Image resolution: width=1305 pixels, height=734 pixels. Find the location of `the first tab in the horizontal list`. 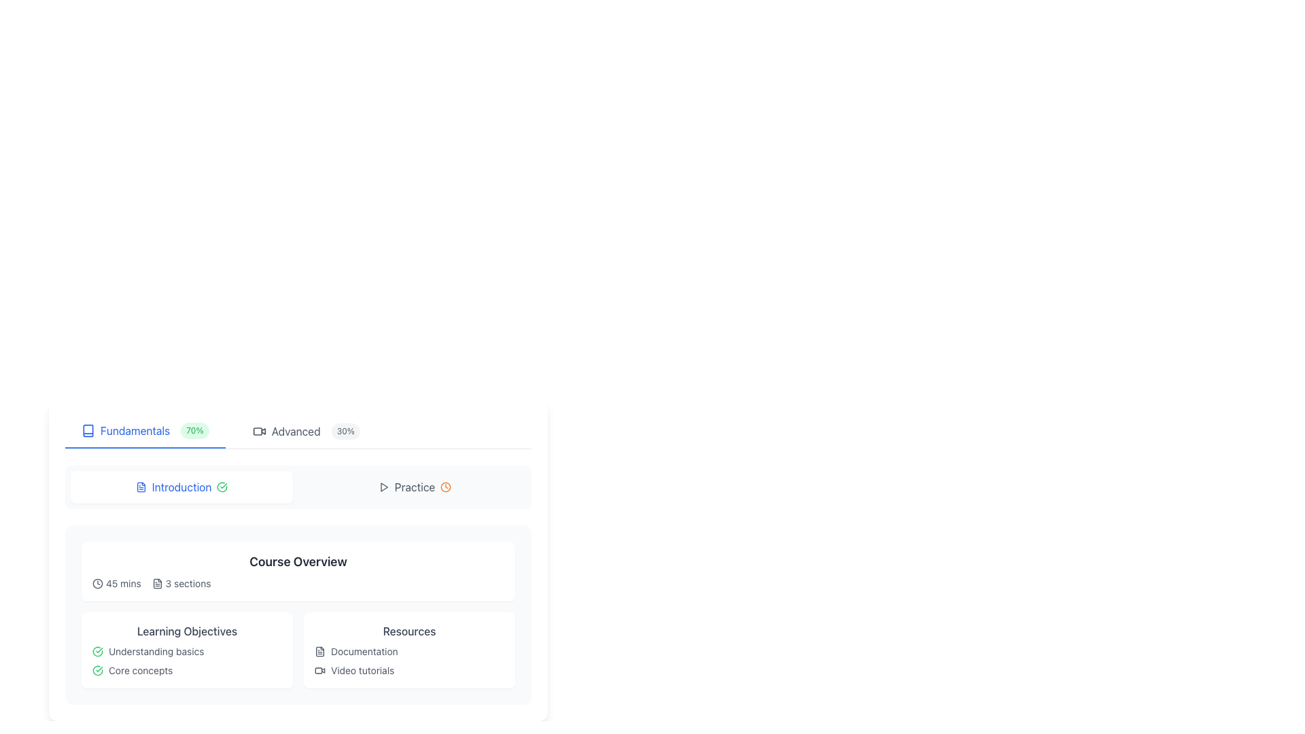

the first tab in the horizontal list is located at coordinates (145, 432).